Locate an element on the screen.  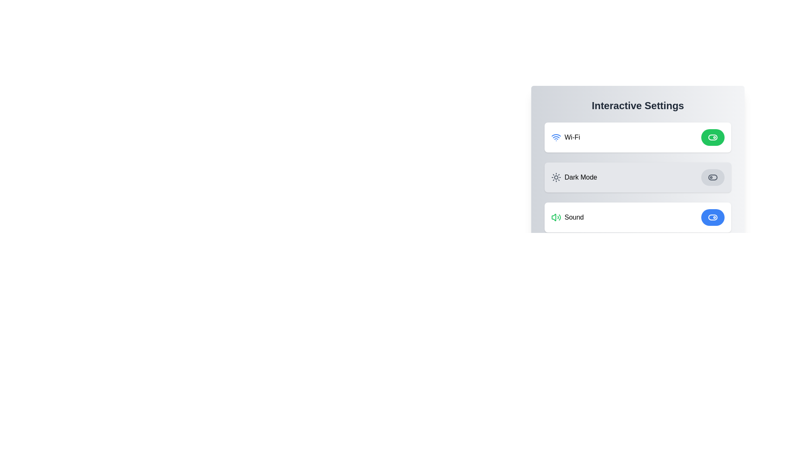
the Background/Track element of the toggle switch for the 'Dark Mode' setting, which is a rounded rectangle with a light gray background located in the second row of the setting options is located at coordinates (712, 177).